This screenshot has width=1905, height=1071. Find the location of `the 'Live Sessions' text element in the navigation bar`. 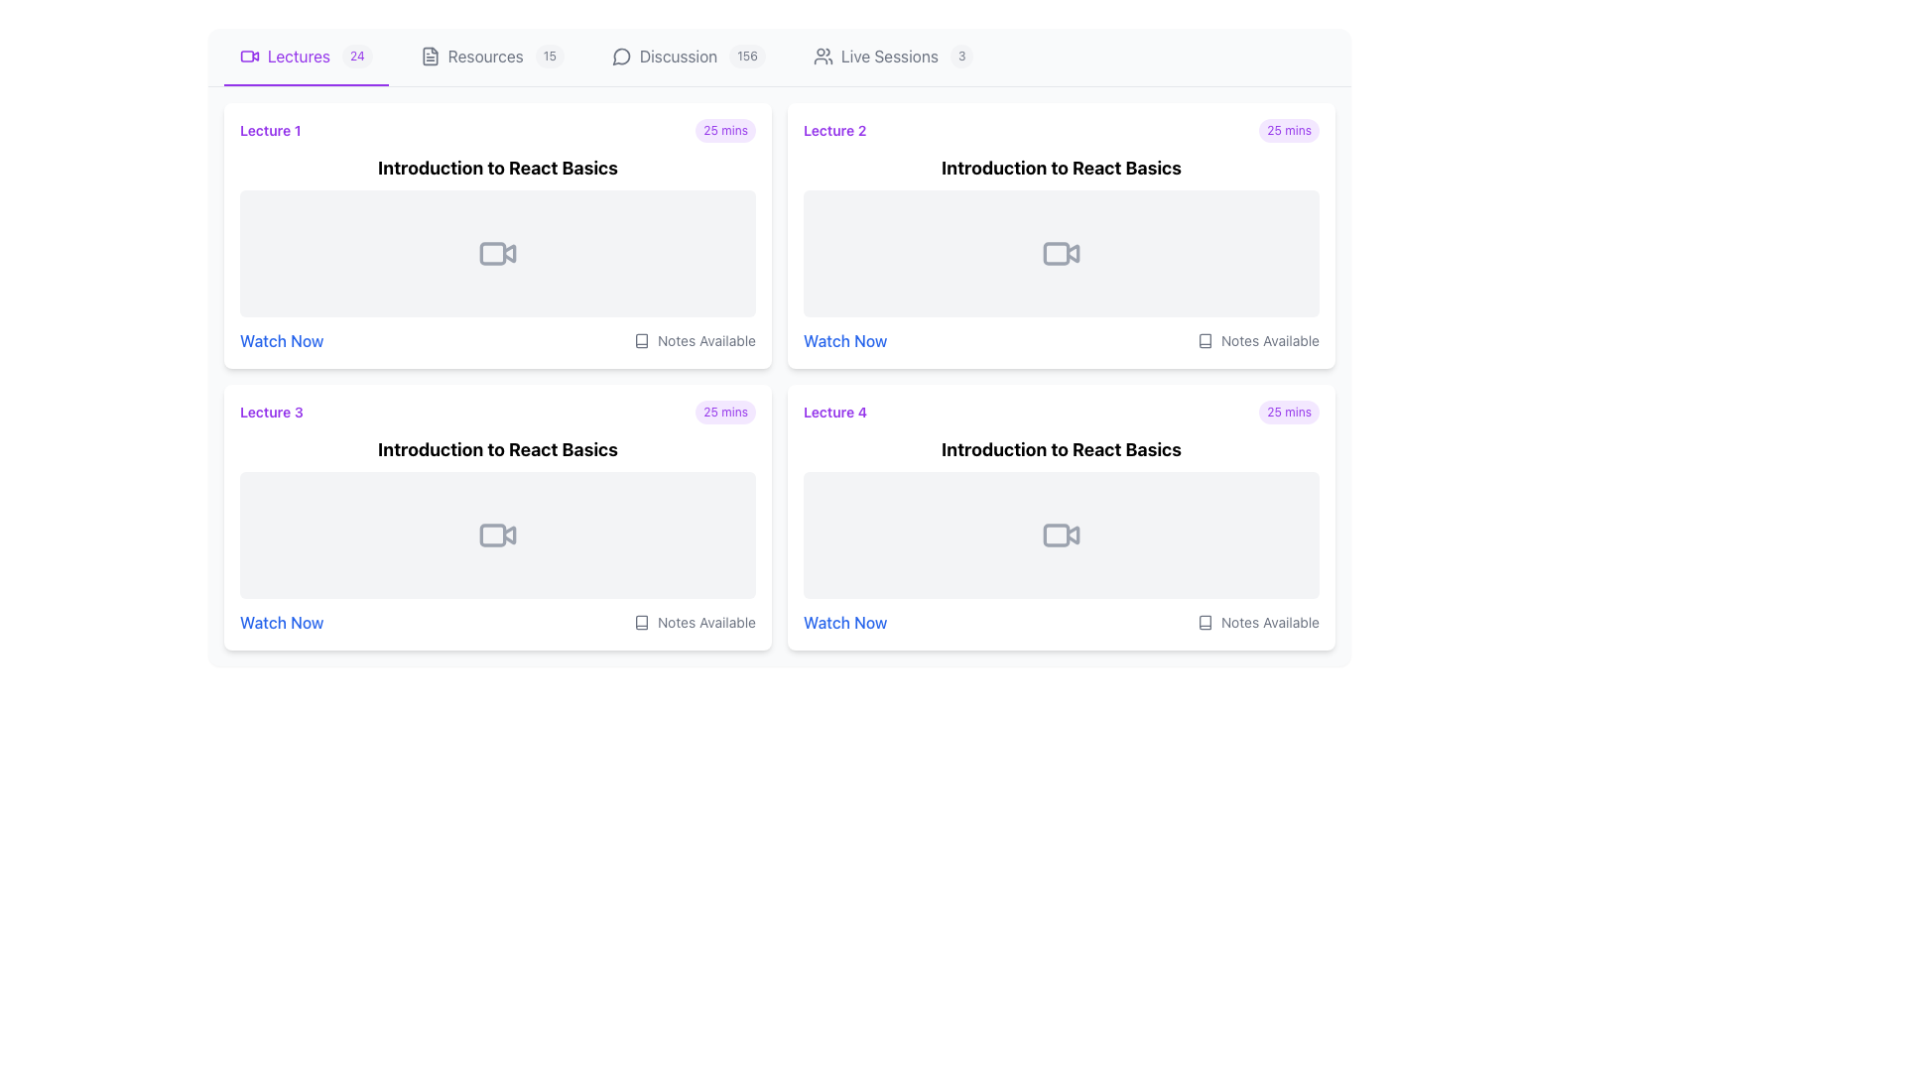

the 'Live Sessions' text element in the navigation bar is located at coordinates (888, 56).